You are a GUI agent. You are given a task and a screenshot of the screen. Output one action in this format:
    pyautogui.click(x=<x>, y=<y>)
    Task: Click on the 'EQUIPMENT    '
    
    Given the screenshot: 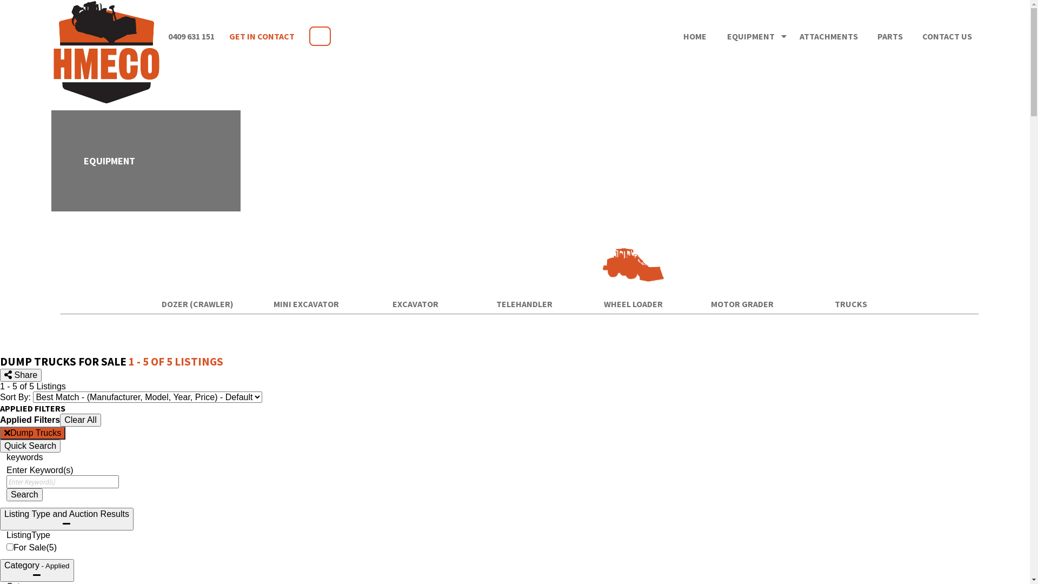 What is the action you would take?
    pyautogui.click(x=756, y=35)
    